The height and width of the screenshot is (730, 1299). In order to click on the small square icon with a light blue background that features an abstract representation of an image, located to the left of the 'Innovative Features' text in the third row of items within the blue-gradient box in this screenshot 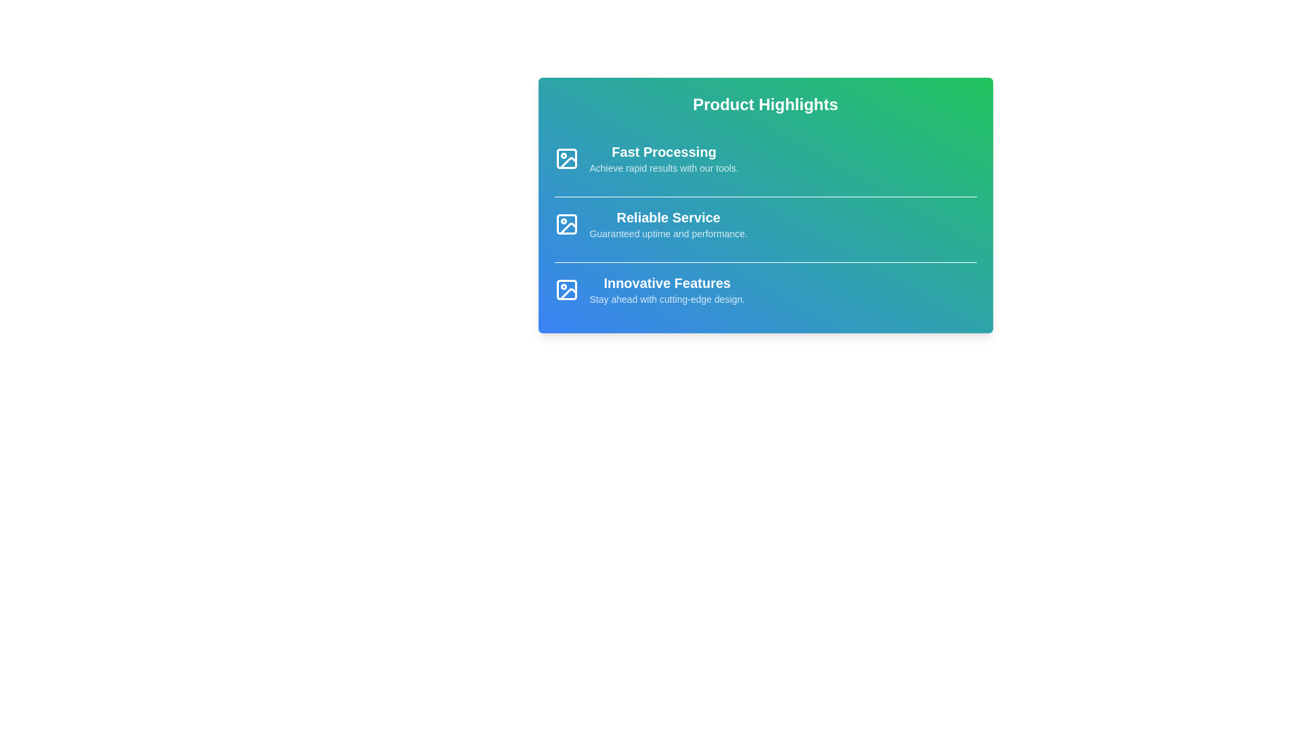, I will do `click(566, 289)`.